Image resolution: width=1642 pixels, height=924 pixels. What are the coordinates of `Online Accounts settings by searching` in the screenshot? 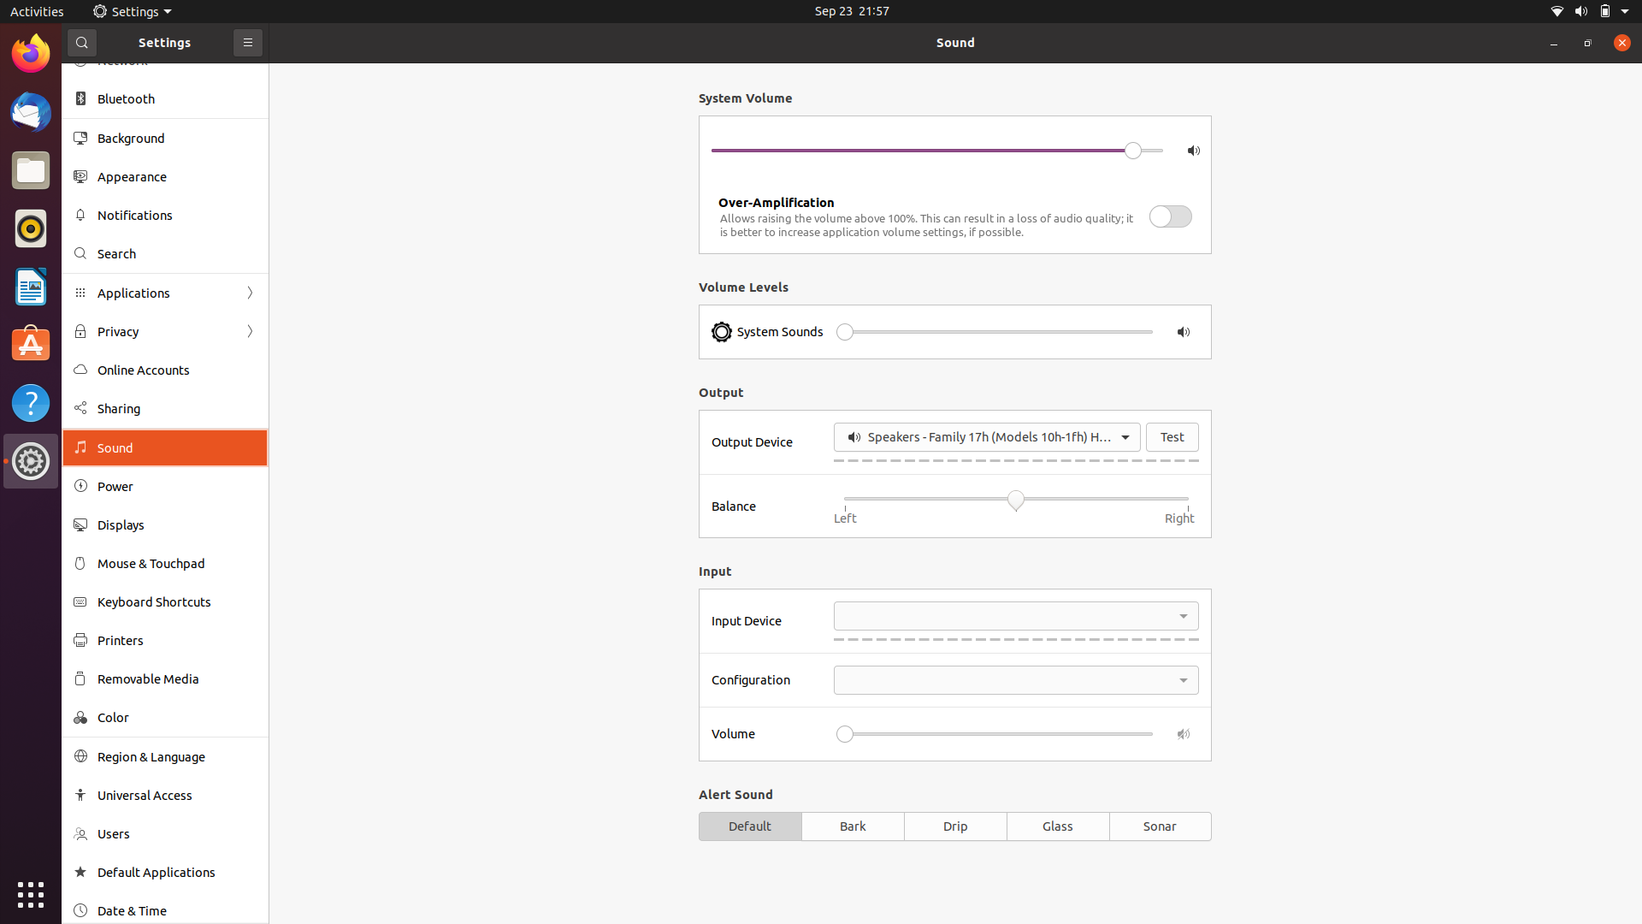 It's located at (163, 251).